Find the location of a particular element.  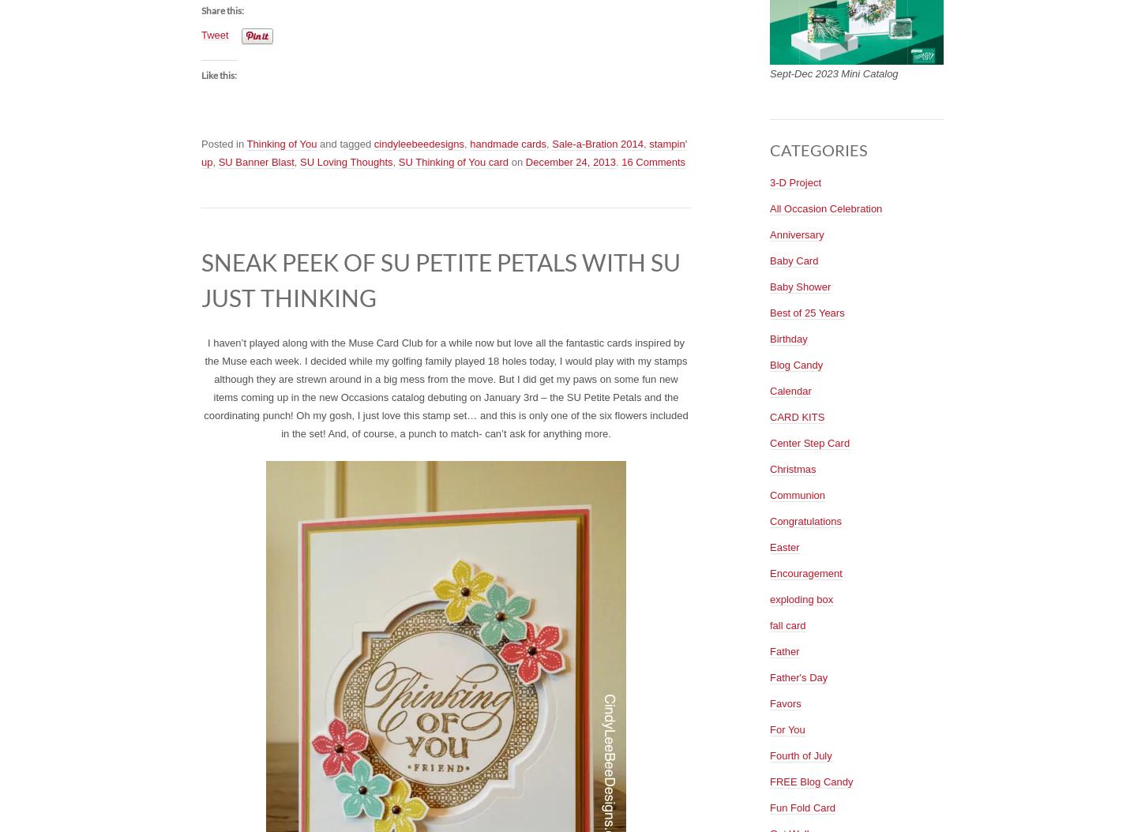

'Communion' is located at coordinates (798, 493).